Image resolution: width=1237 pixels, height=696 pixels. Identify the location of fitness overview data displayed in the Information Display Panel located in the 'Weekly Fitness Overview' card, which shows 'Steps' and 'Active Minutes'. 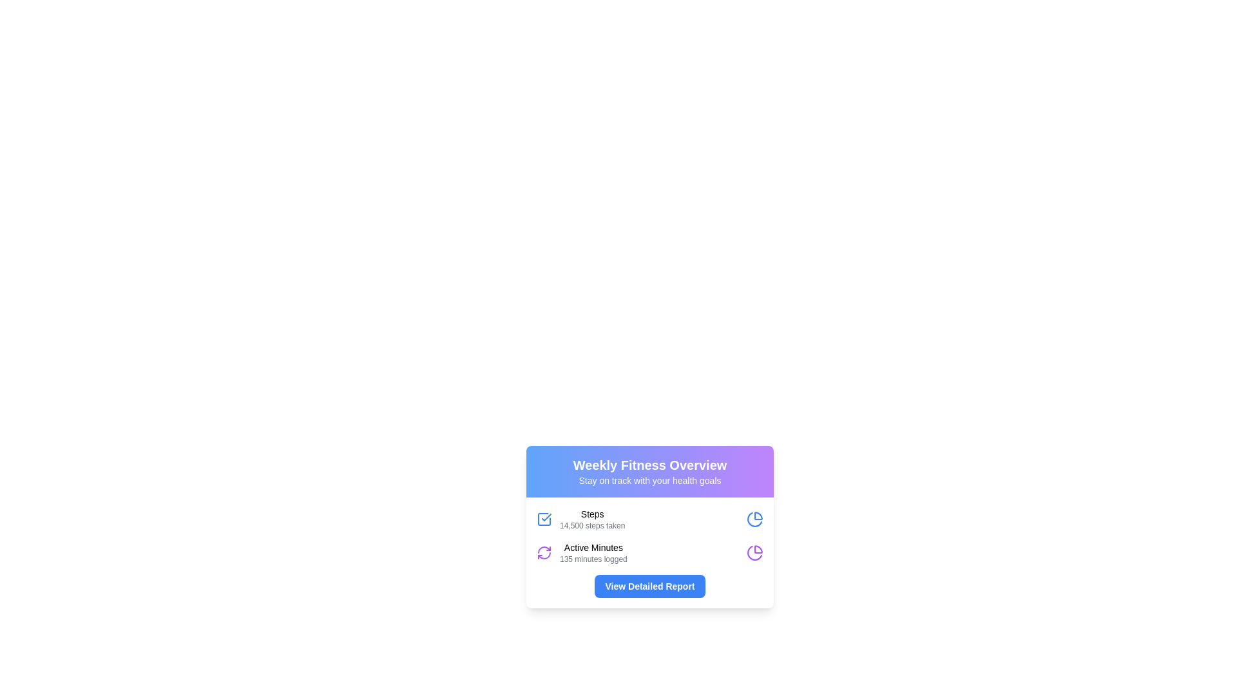
(649, 552).